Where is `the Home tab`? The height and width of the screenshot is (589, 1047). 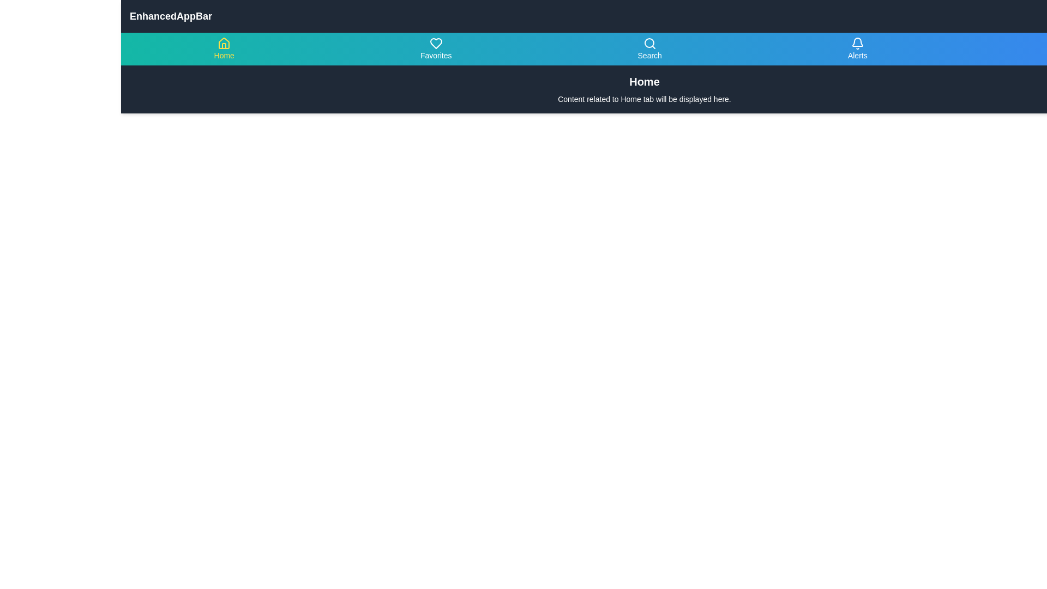
the Home tab is located at coordinates (224, 48).